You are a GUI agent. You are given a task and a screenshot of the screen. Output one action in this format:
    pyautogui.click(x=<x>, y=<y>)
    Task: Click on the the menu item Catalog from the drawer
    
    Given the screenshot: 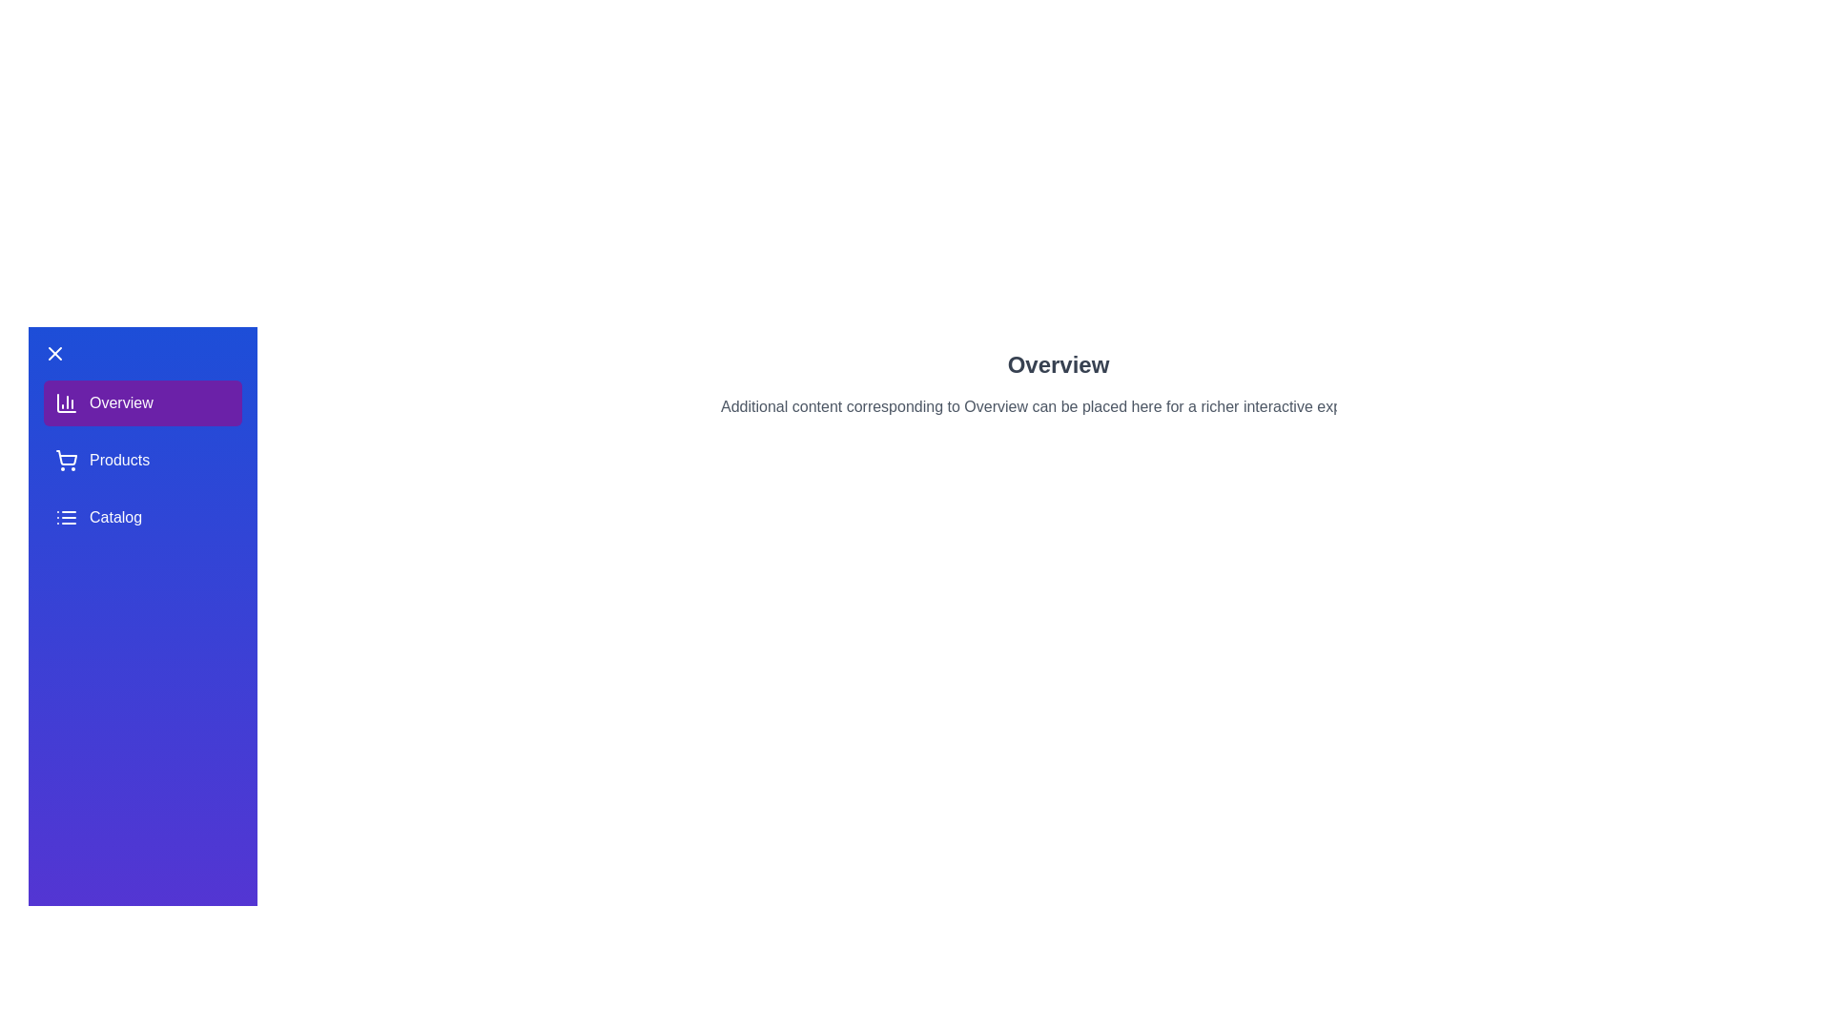 What is the action you would take?
    pyautogui.click(x=141, y=518)
    